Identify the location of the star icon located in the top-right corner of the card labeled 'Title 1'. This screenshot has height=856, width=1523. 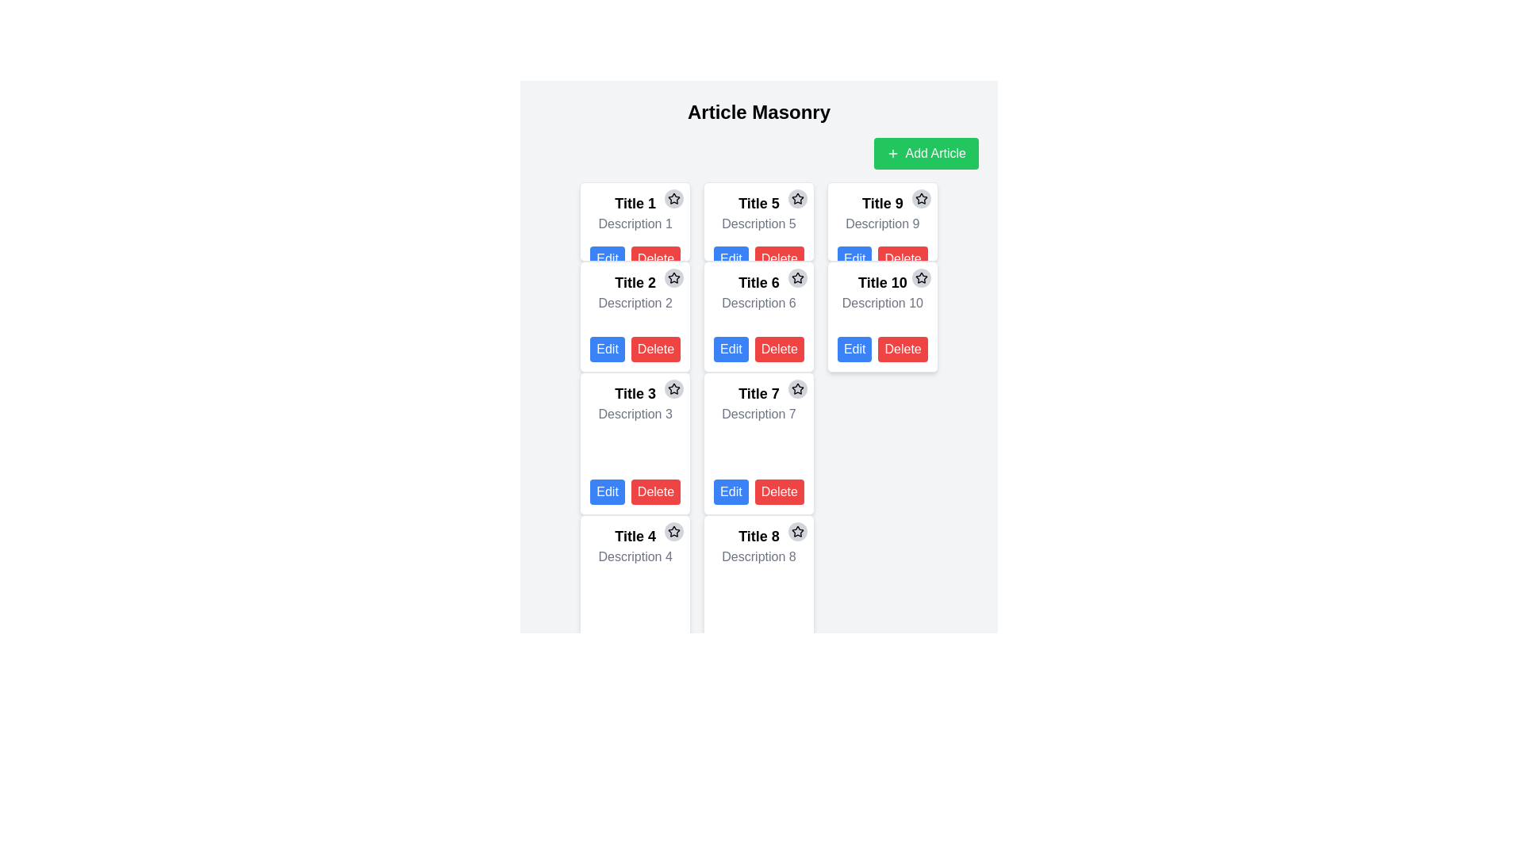
(674, 197).